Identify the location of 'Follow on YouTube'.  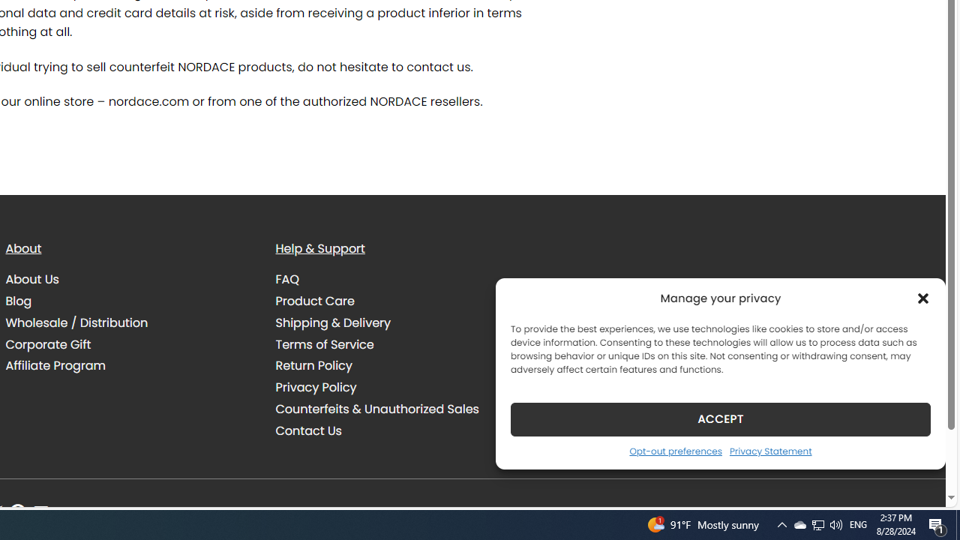
(41, 512).